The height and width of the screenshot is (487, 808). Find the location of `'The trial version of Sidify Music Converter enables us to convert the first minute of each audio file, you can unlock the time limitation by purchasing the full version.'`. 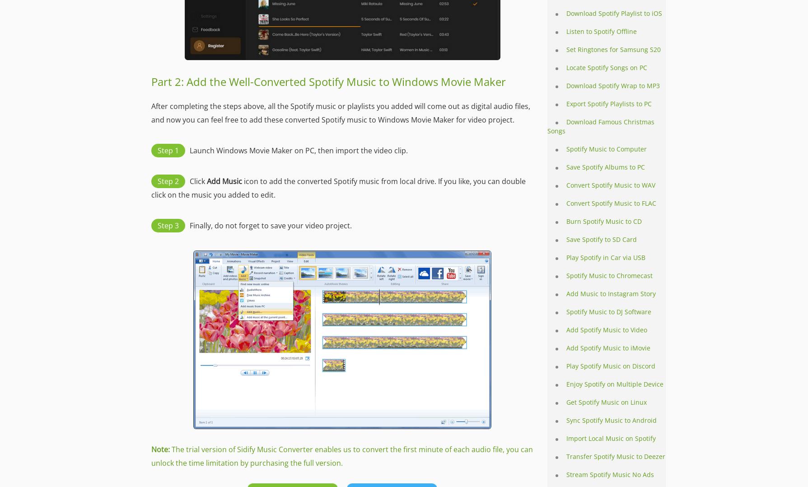

'The trial version of Sidify Music Converter enables us to convert the first minute of each audio file, you can unlock the time limitation by purchasing the full version.' is located at coordinates (341, 455).